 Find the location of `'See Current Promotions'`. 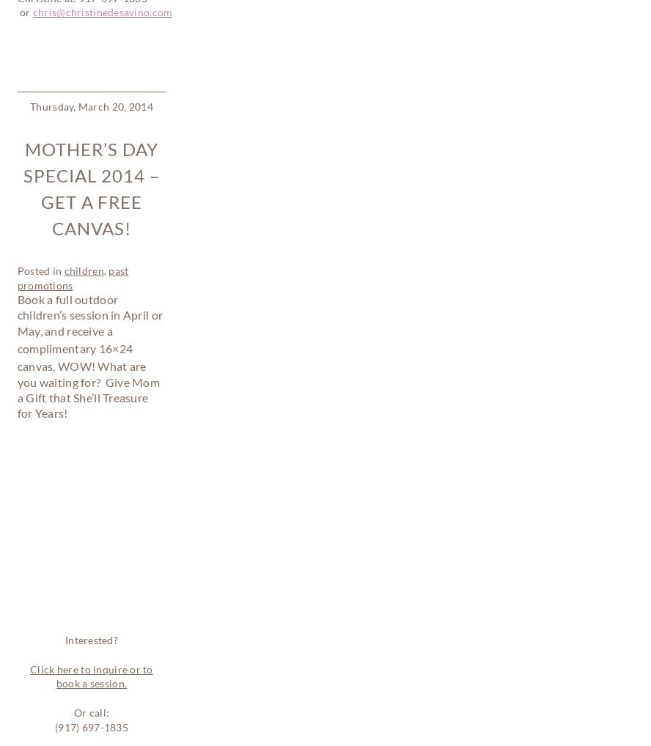

'See Current Promotions' is located at coordinates (93, 521).